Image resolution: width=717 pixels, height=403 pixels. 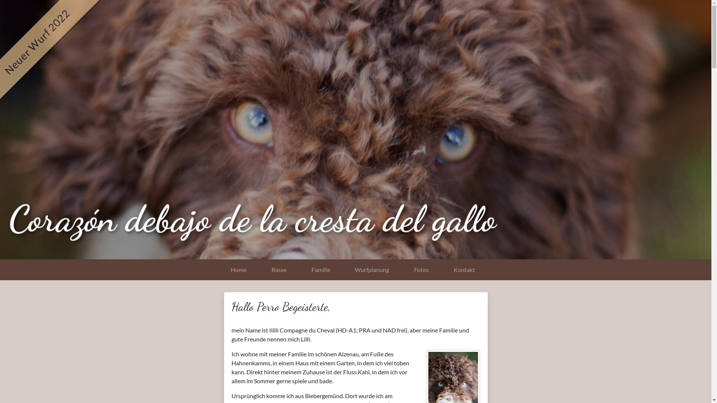 I want to click on 'Wurfplanung', so click(x=342, y=269).